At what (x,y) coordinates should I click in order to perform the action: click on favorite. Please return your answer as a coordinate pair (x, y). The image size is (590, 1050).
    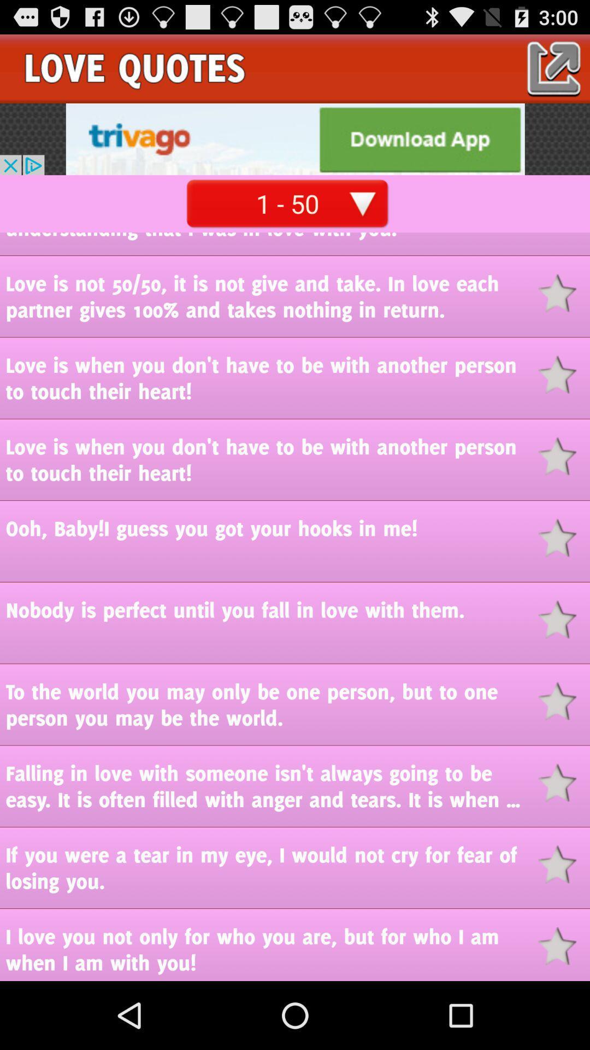
    Looking at the image, I should click on (564, 946).